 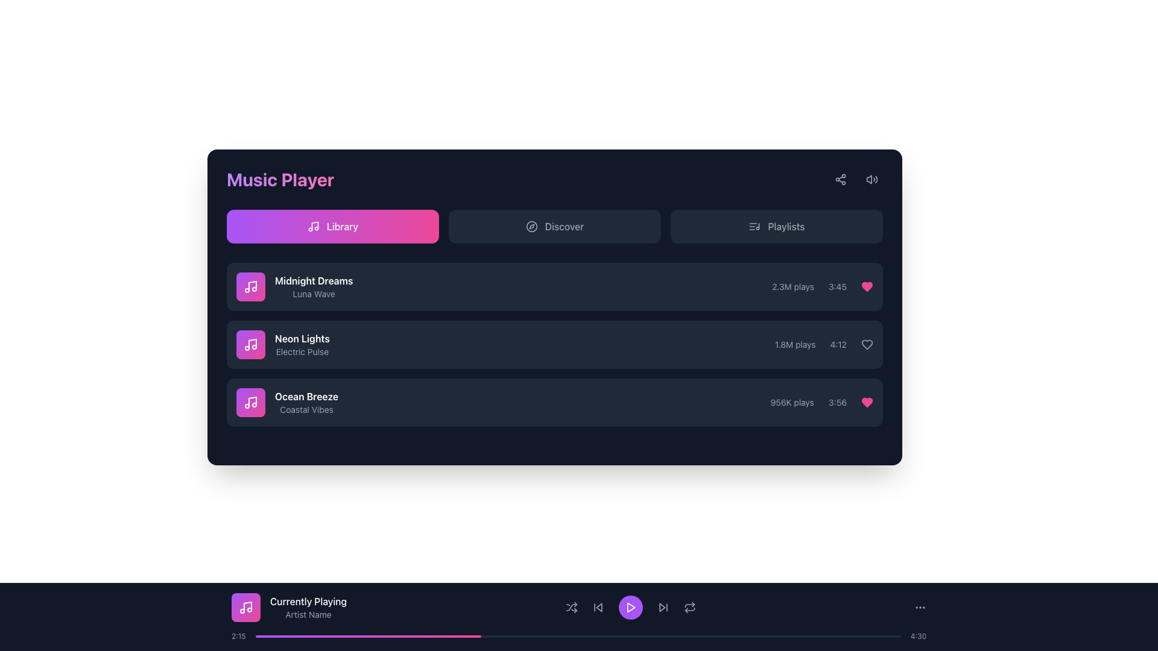 I want to click on the 'Playlists' text label that is part of the button situated in the top-right section of the interface, so click(x=786, y=226).